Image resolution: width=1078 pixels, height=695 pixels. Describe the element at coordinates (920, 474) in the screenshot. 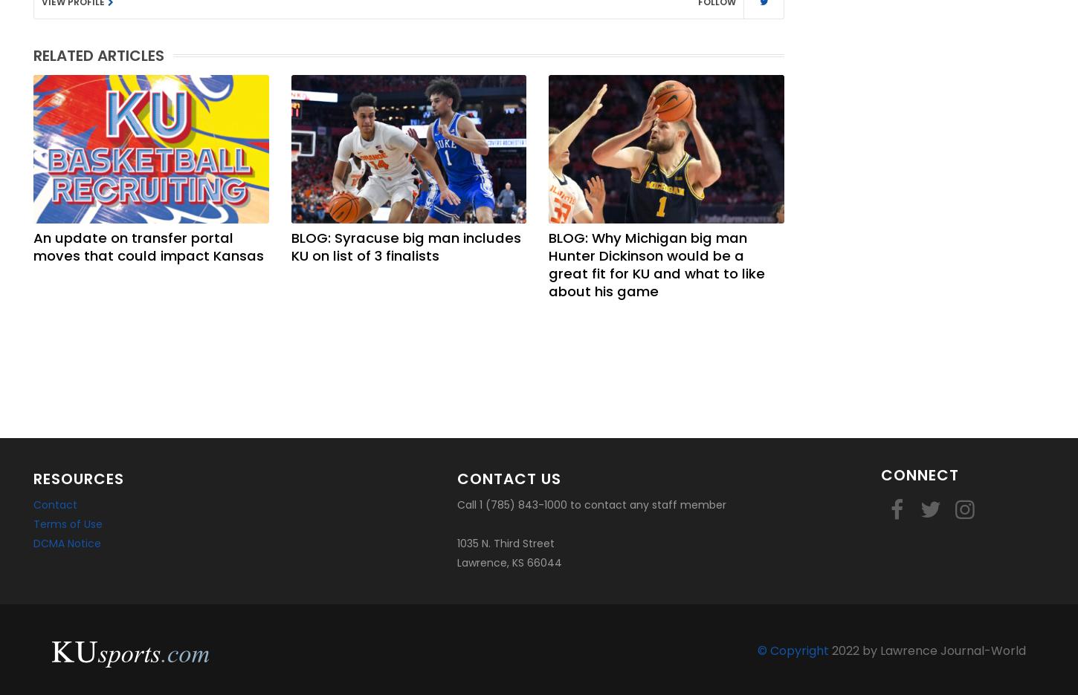

I see `'CONNECT'` at that location.